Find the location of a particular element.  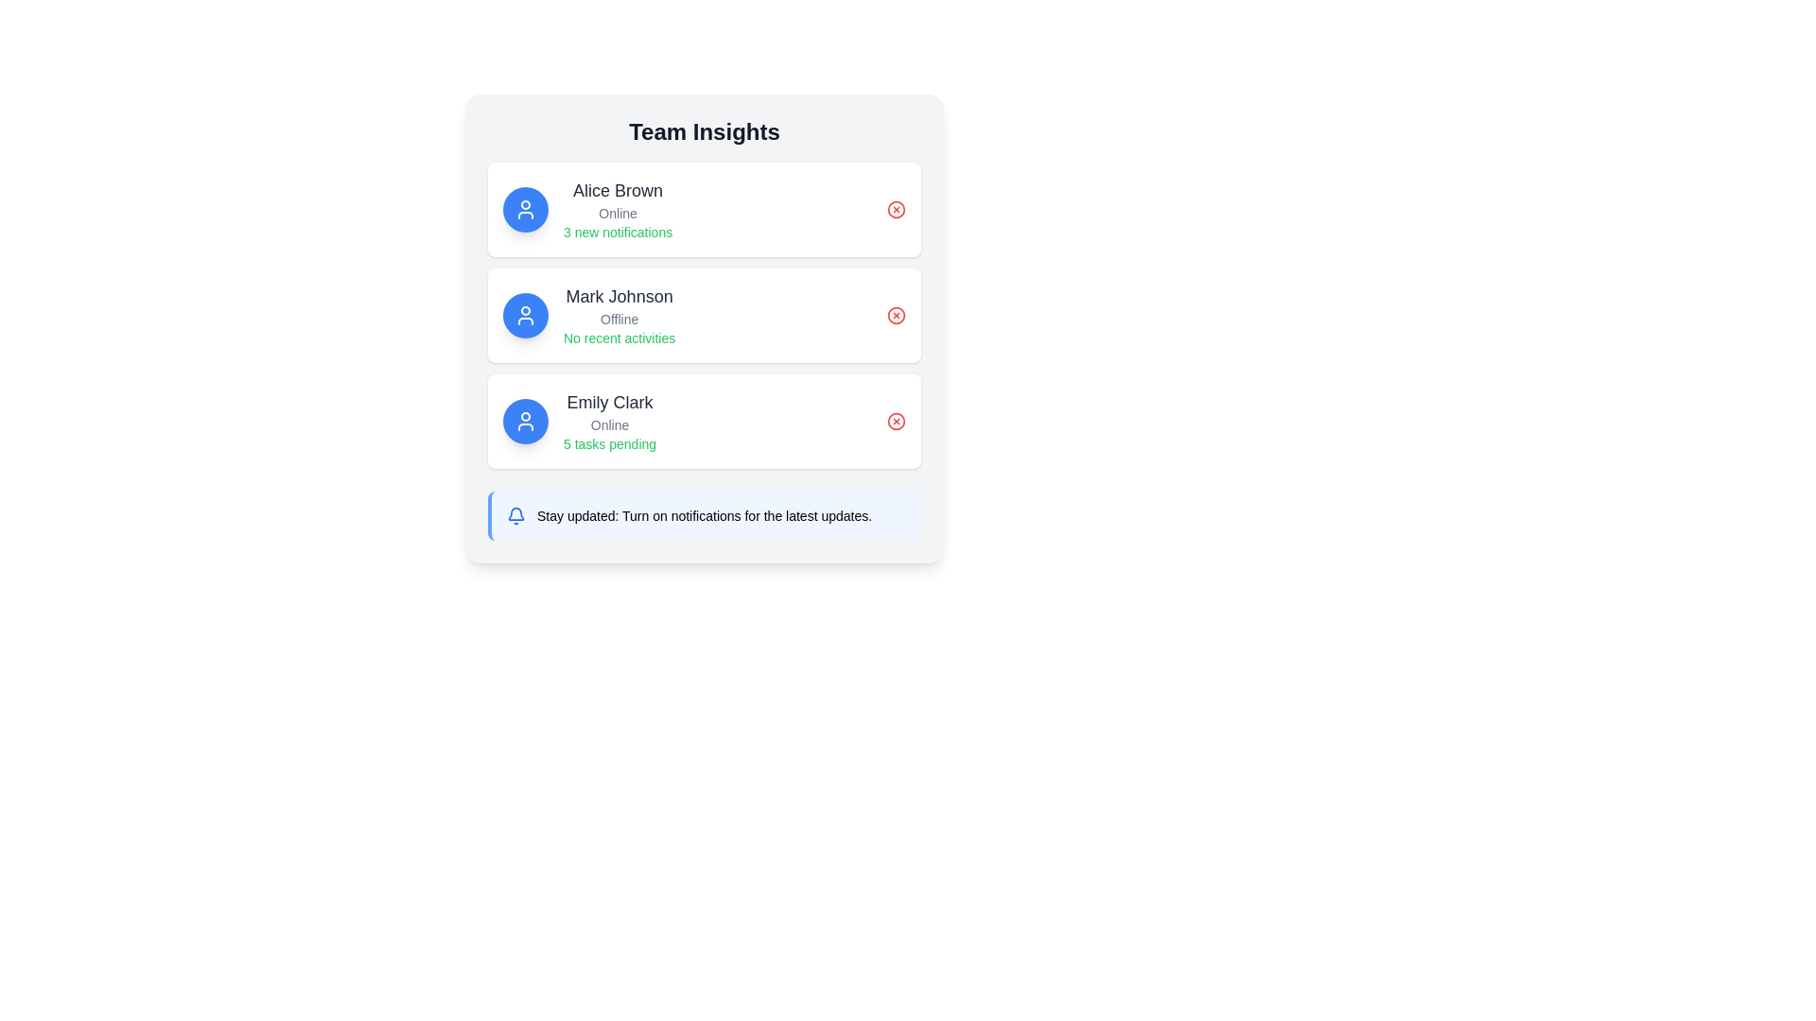

the text label displaying '5 tasks pending' styled in green, located under 'Online' in Emily Clark's section of the Team Insights interface is located at coordinates (610, 444).